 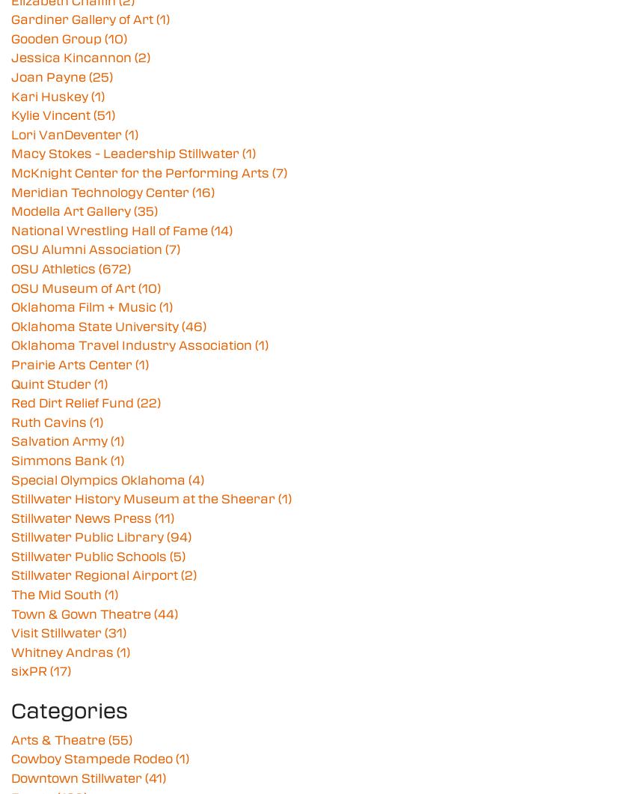 I want to click on '(35)', so click(x=145, y=210).